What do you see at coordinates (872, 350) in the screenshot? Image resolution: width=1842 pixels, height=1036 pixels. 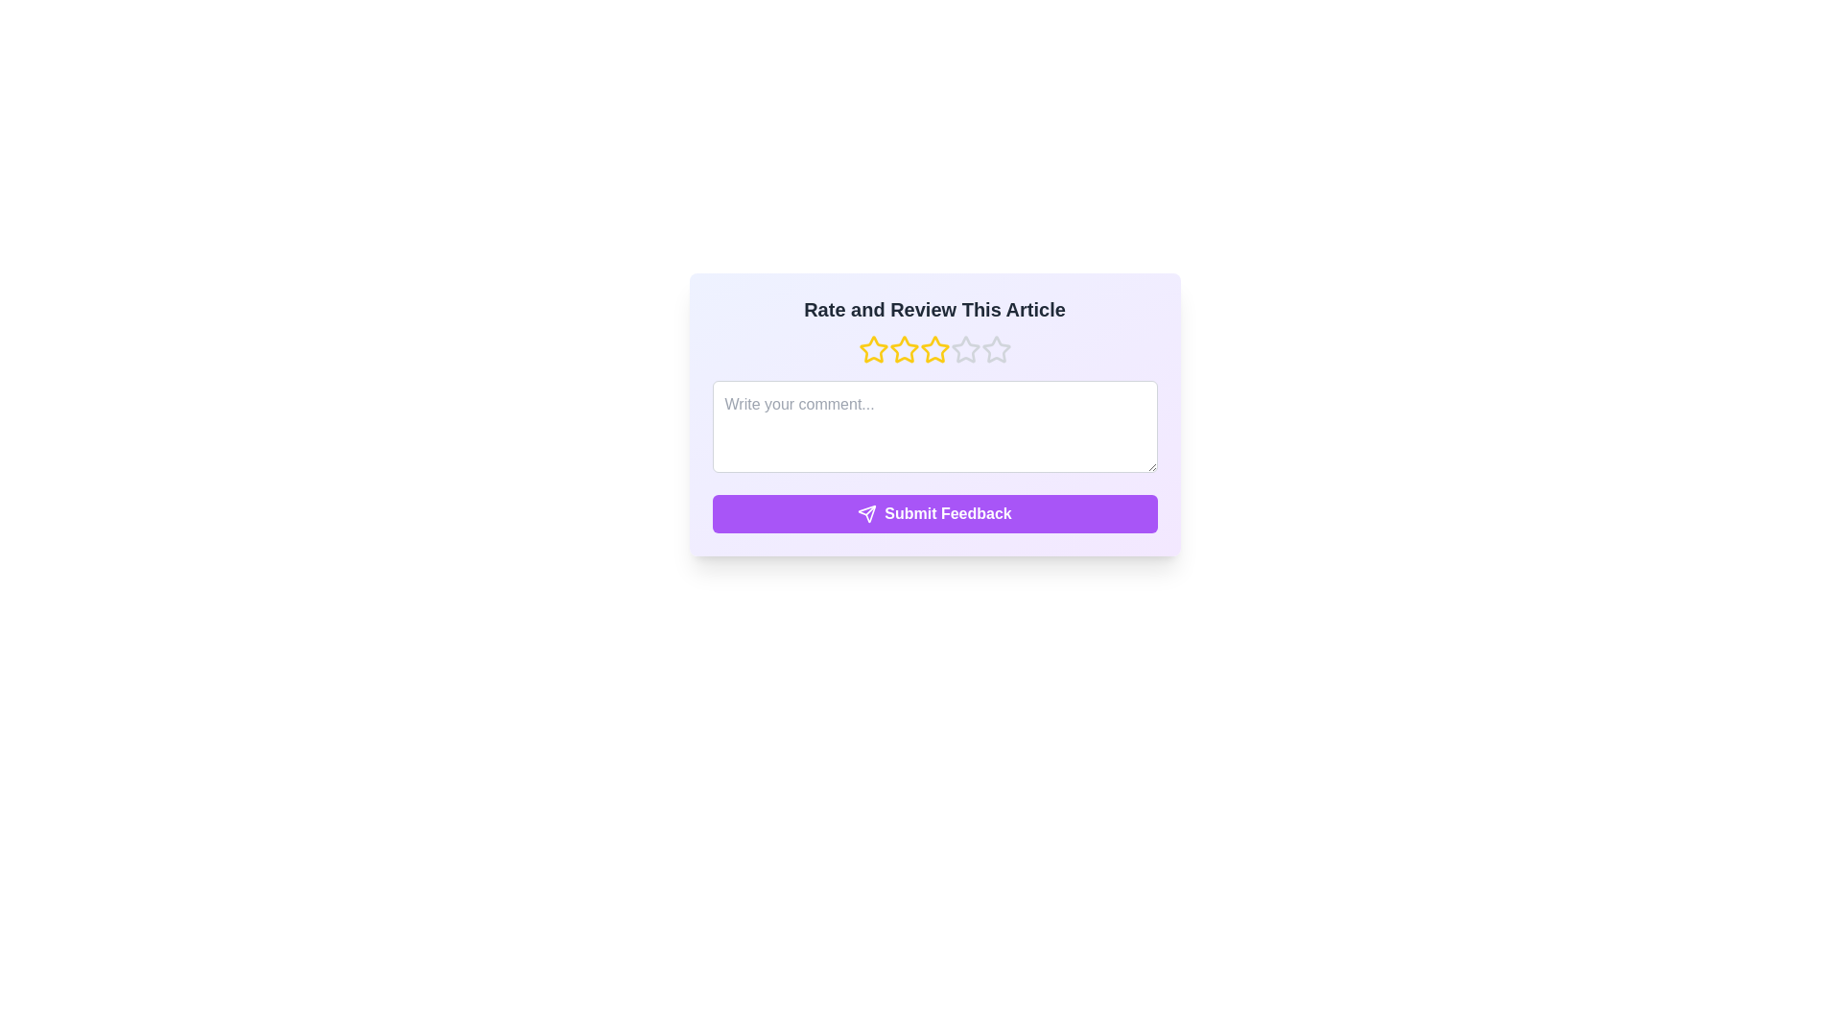 I see `the rating to 1 stars by clicking on the corresponding star` at bounding box center [872, 350].